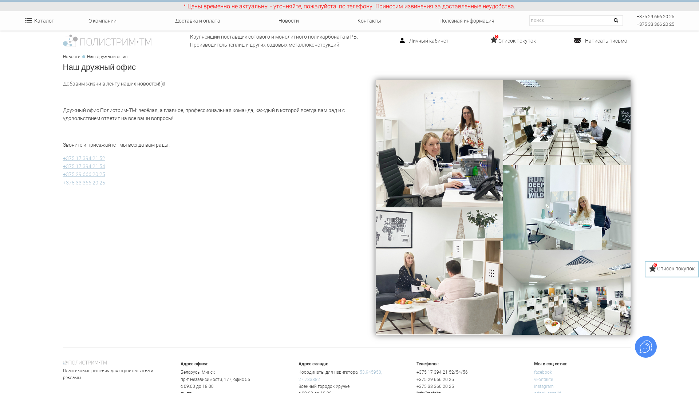  What do you see at coordinates (84, 182) in the screenshot?
I see `'+375 33 366 20 25'` at bounding box center [84, 182].